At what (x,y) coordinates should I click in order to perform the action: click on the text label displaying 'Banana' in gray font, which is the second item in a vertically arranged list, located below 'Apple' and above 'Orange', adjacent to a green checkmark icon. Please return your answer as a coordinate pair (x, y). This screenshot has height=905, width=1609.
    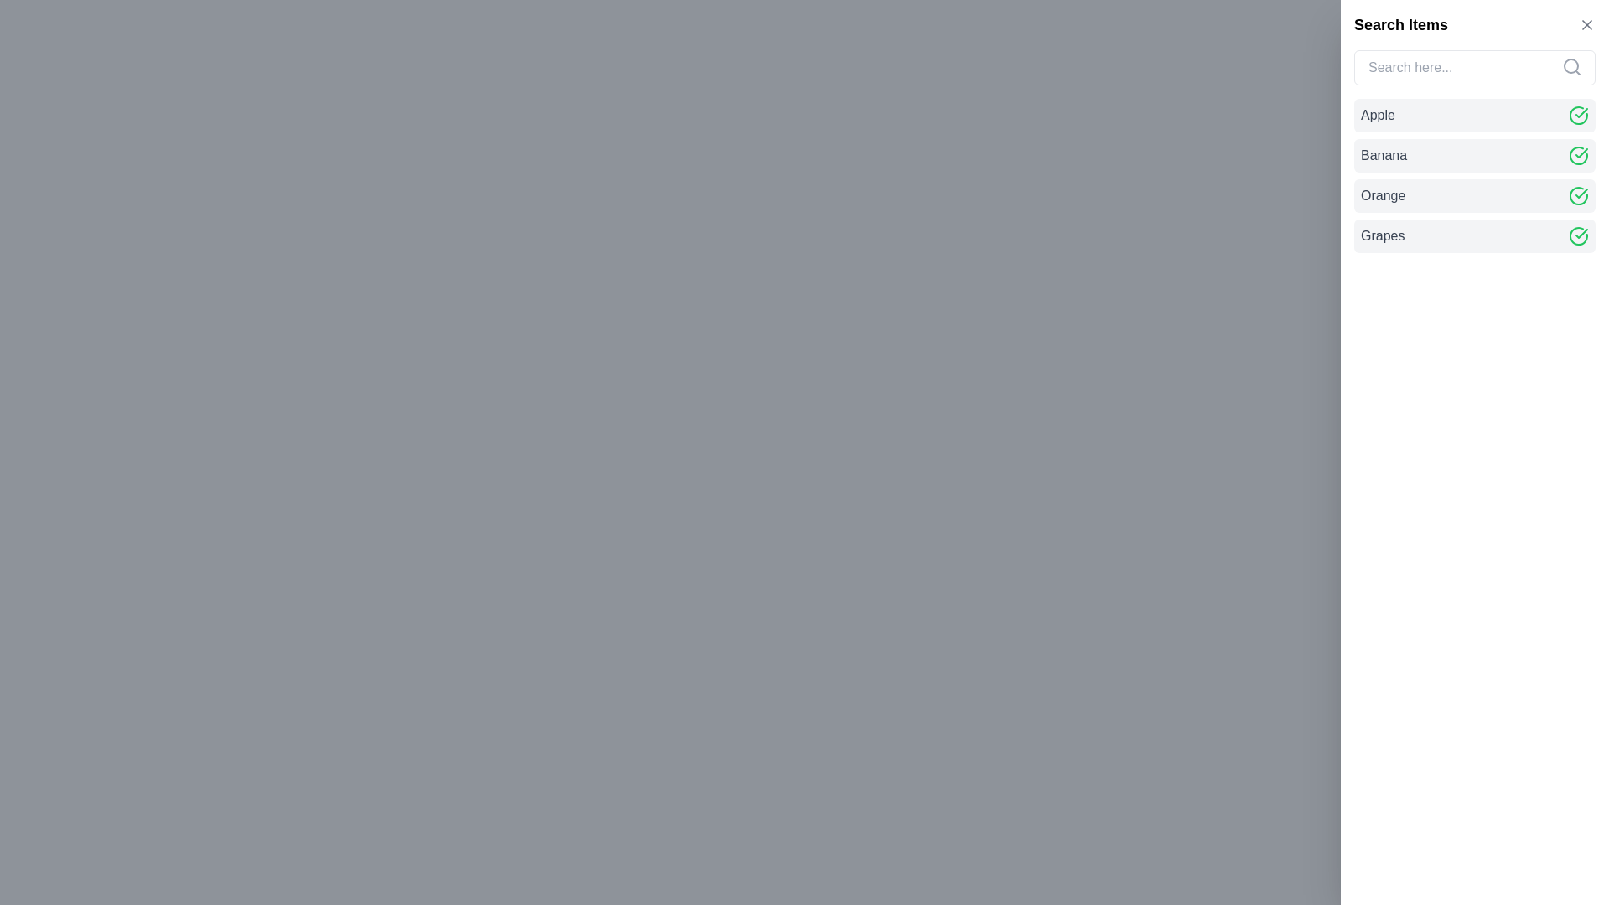
    Looking at the image, I should click on (1384, 155).